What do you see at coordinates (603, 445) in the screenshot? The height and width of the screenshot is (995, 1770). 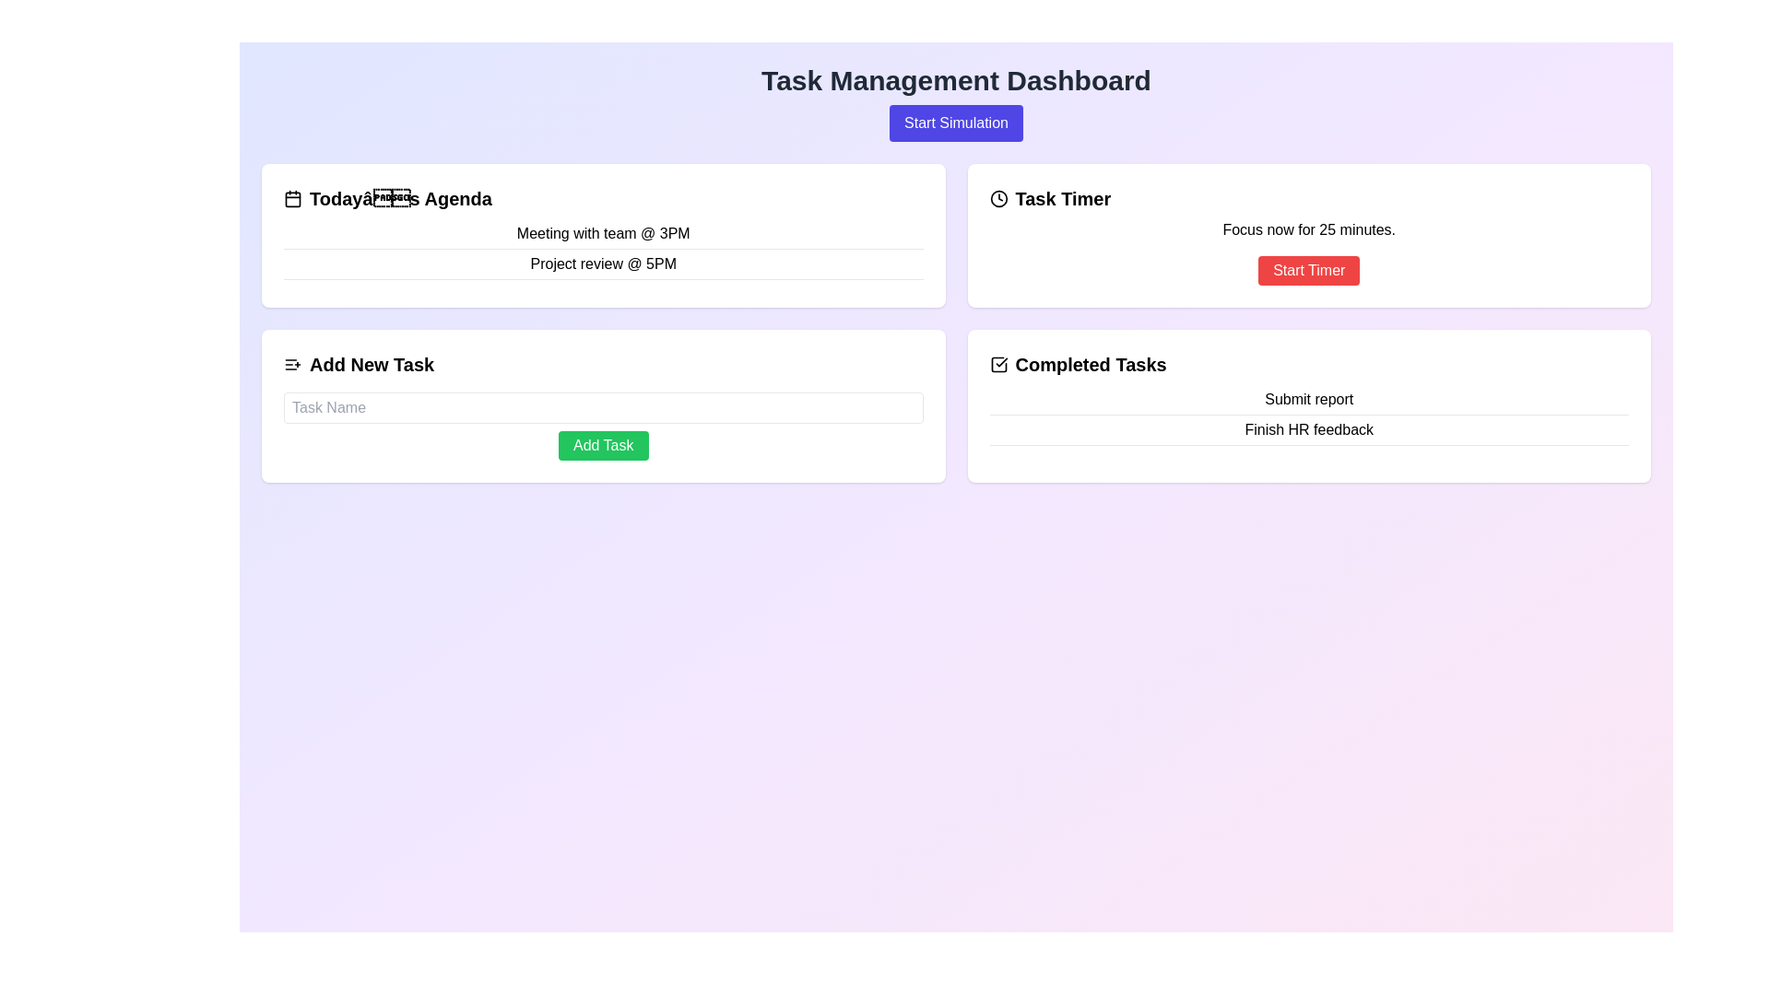 I see `the 'Add New Task' button located below the 'Task Name' input field` at bounding box center [603, 445].